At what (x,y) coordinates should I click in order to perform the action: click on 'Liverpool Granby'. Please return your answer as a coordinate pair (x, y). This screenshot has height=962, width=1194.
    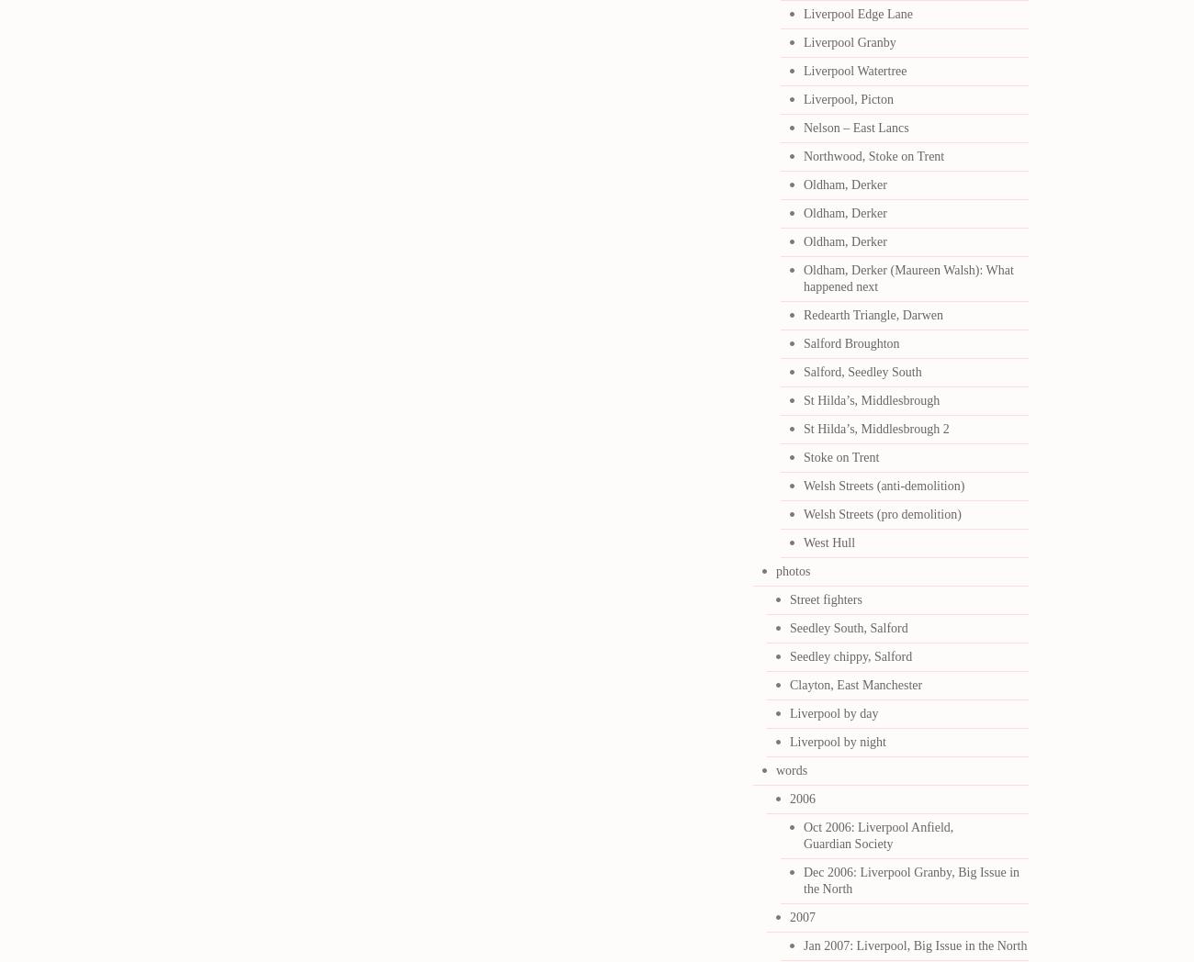
    Looking at the image, I should click on (849, 42).